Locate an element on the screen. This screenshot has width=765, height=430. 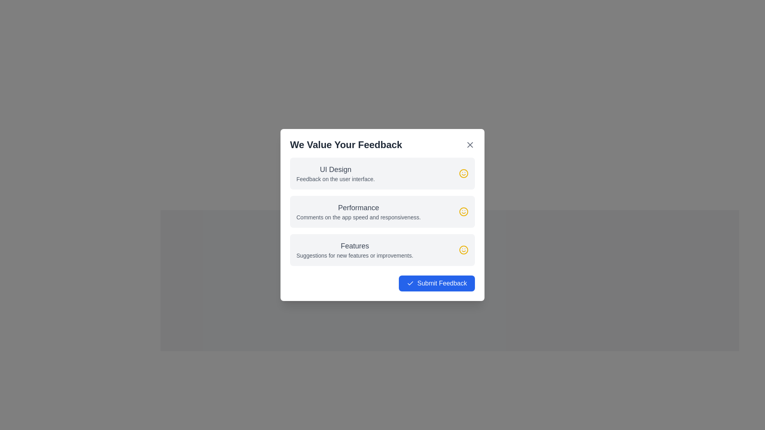
prominently styled header text 'We Value Your Feedback' to understand the dialog's purpose is located at coordinates (382, 145).